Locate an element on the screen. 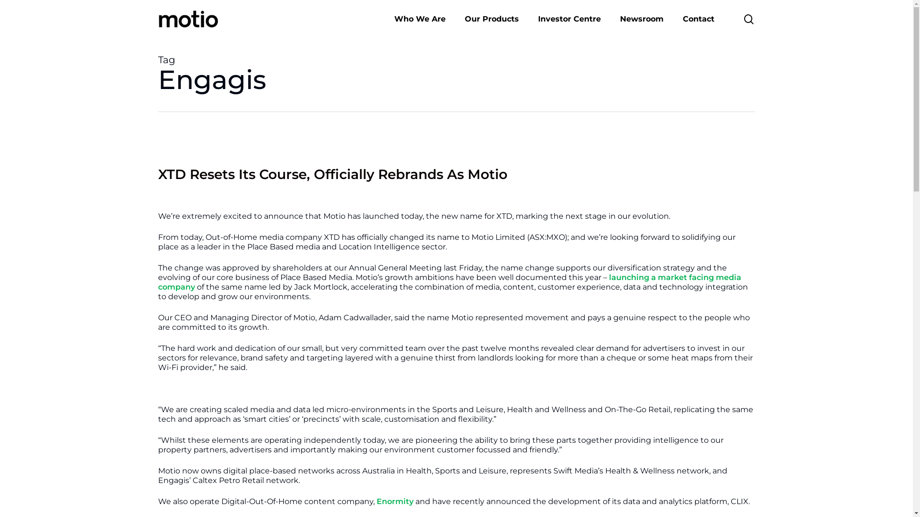  'search' is located at coordinates (748, 19).